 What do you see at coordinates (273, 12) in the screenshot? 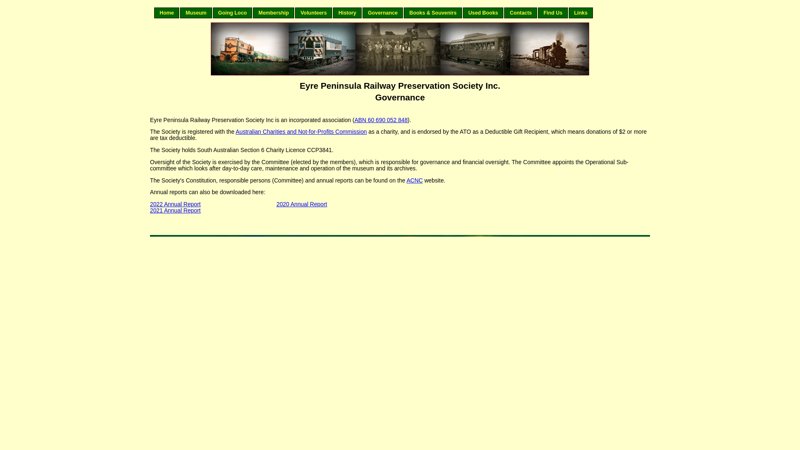
I see `'Membership'` at bounding box center [273, 12].